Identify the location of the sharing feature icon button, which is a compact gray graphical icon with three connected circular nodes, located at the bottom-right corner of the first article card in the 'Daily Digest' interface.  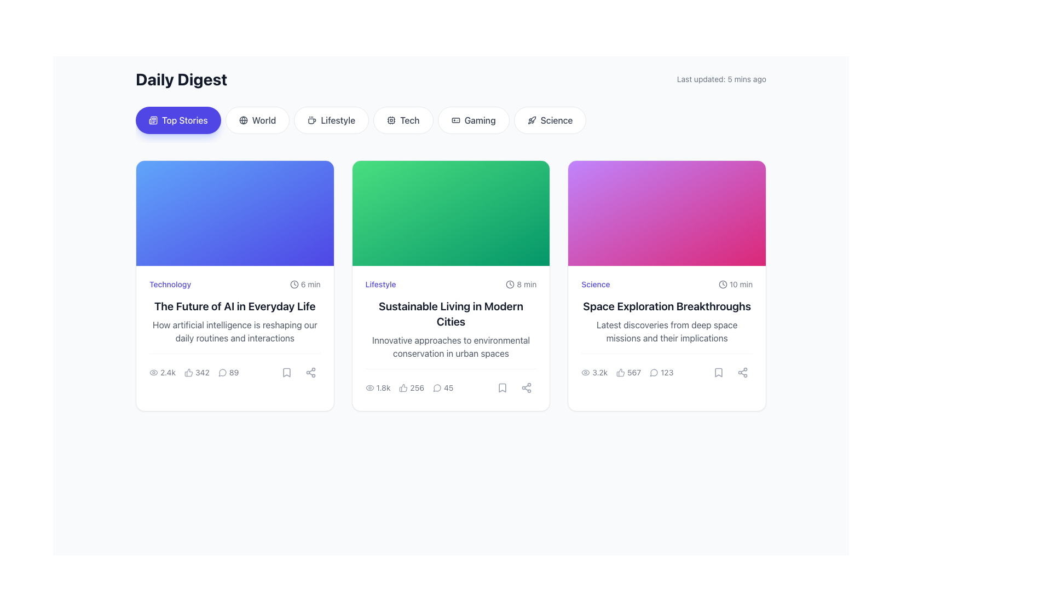
(310, 372).